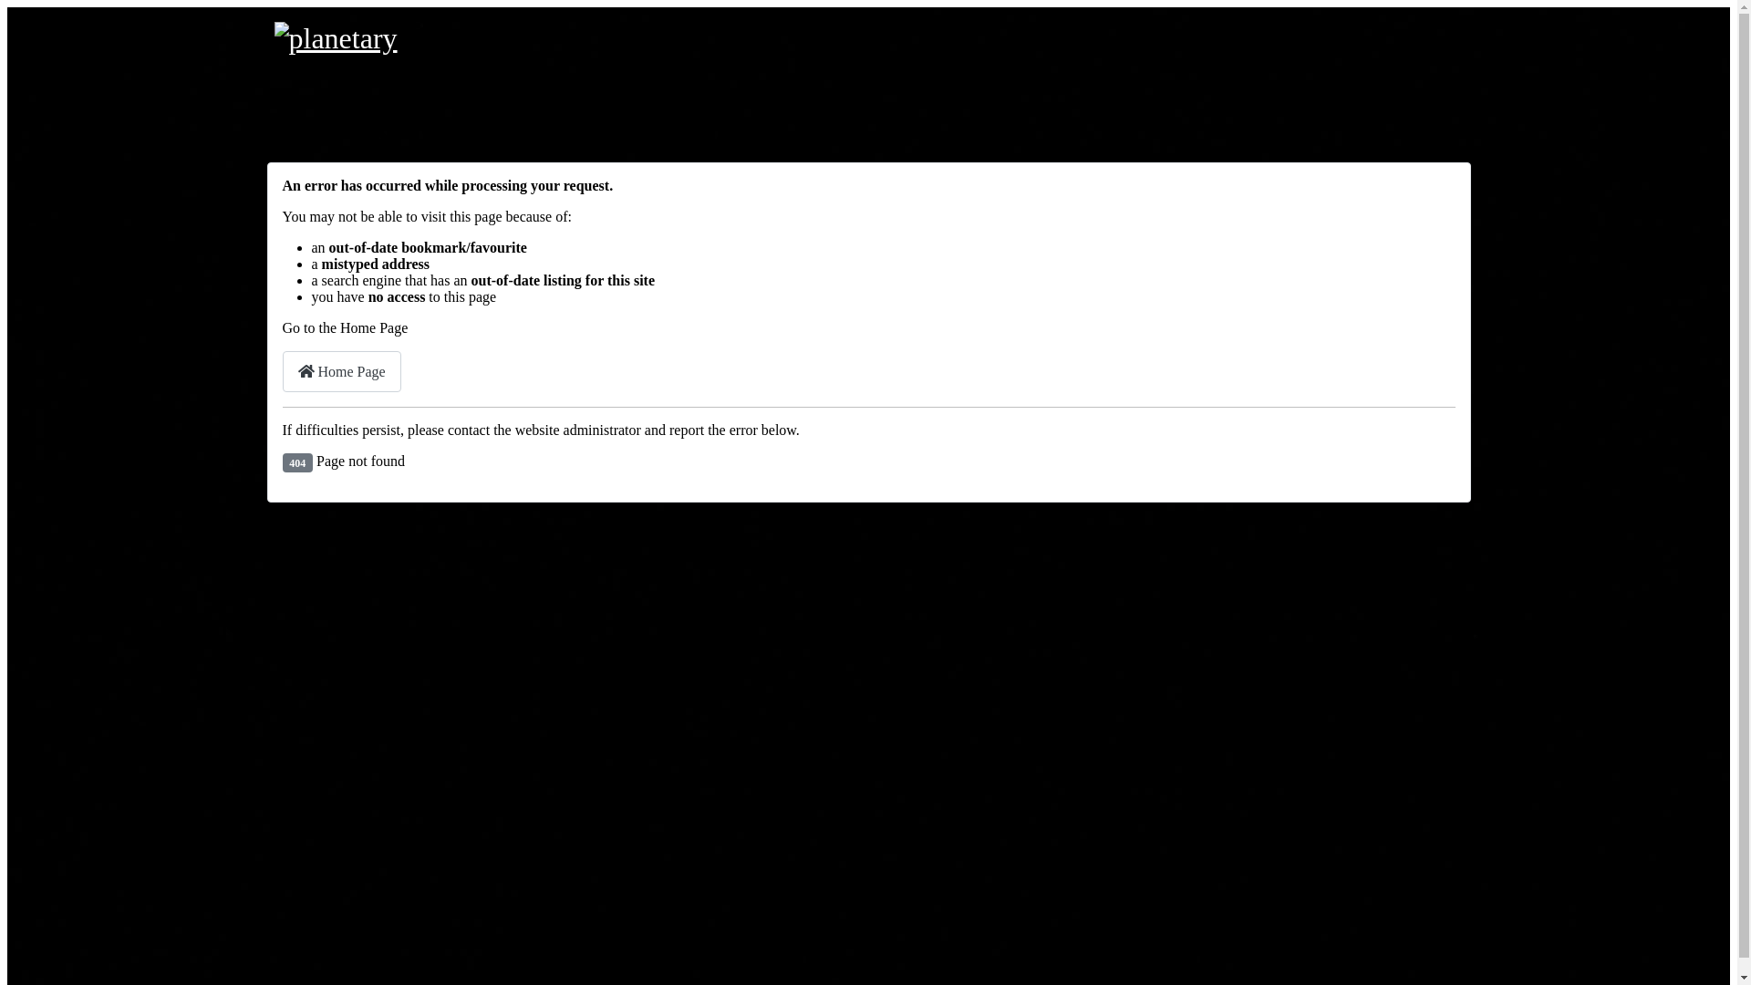  What do you see at coordinates (341, 370) in the screenshot?
I see `'Home Page'` at bounding box center [341, 370].